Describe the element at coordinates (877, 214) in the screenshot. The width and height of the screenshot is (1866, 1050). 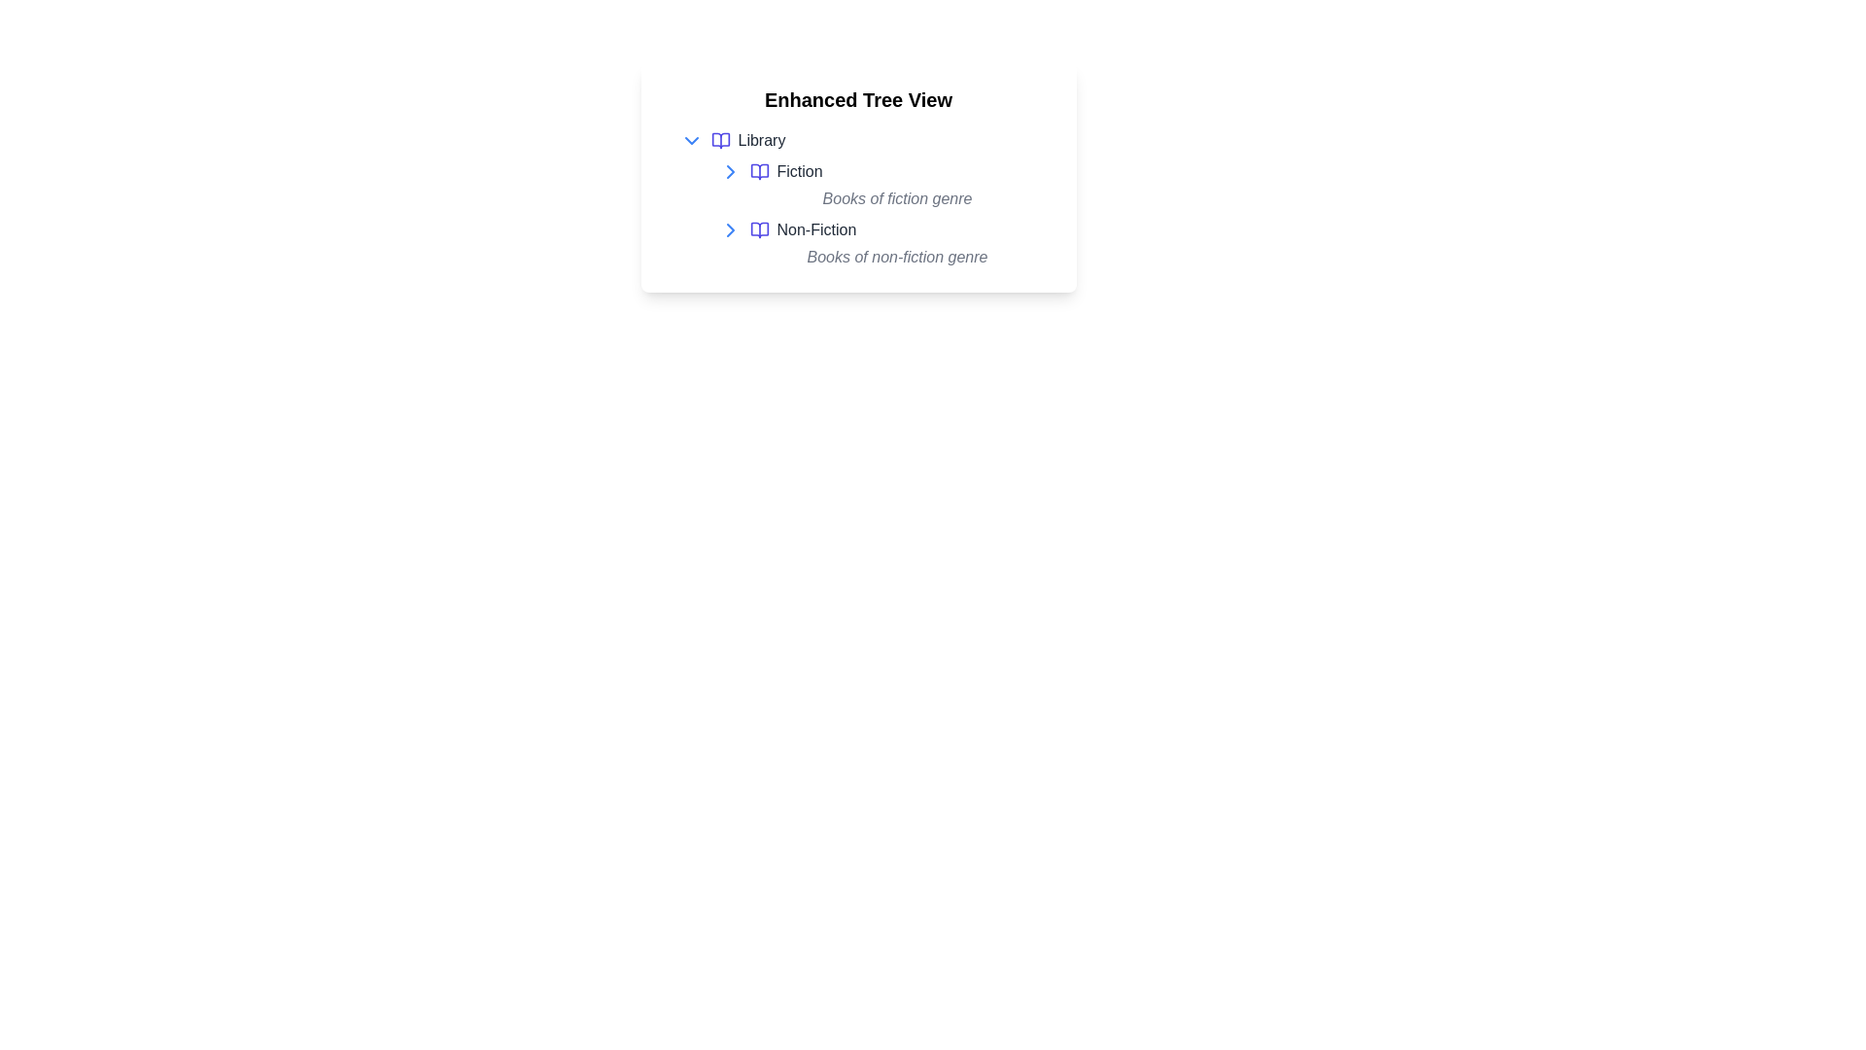
I see `the text block displaying categorized items for 'Fiction' and 'Non-Fiction', located in the middle-right section below the 'Enhanced Tree View' heading` at that location.